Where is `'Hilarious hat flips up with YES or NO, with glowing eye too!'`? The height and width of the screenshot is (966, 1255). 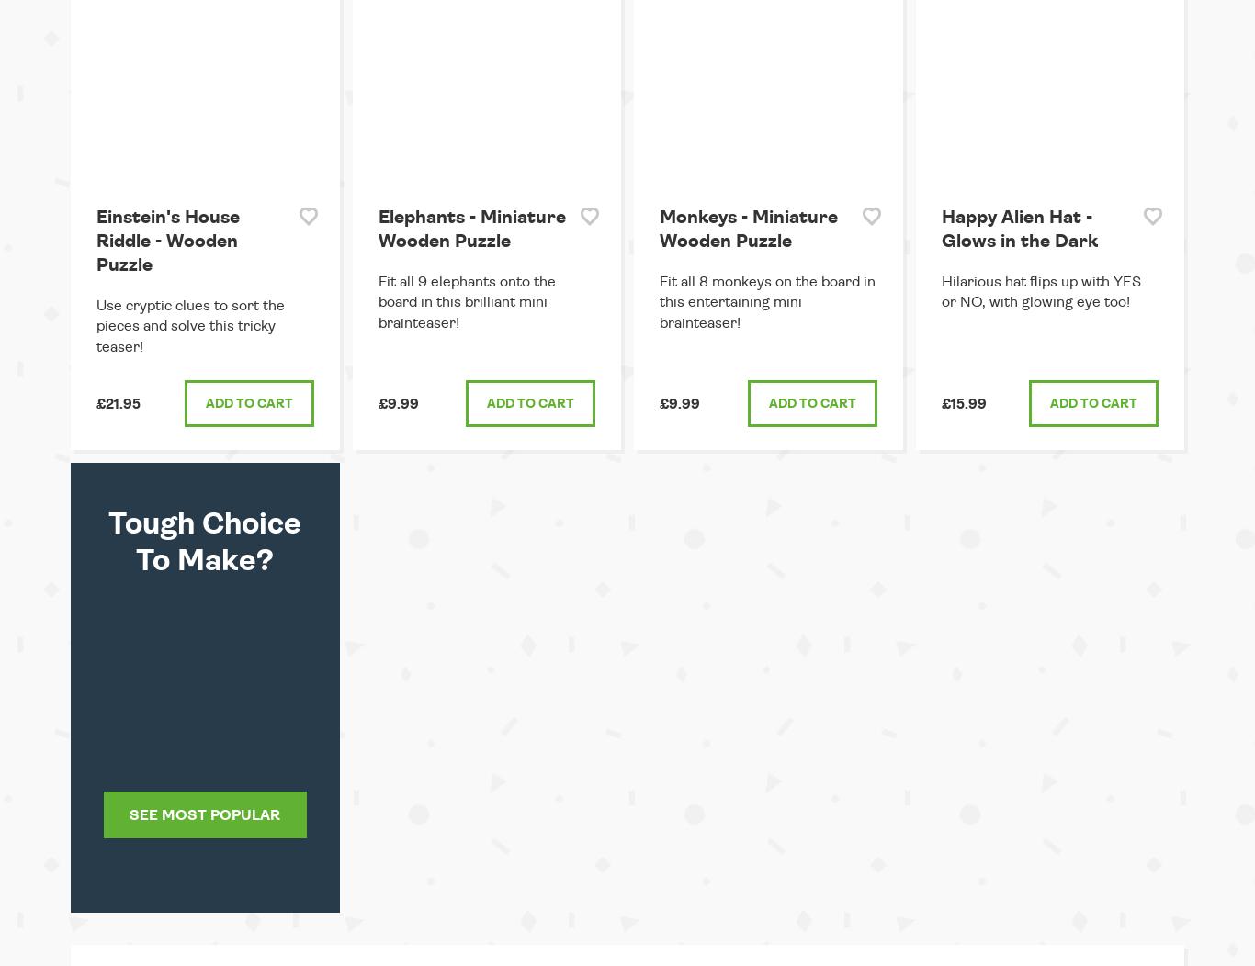
'Hilarious hat flips up with YES or NO, with glowing eye too!' is located at coordinates (940, 290).